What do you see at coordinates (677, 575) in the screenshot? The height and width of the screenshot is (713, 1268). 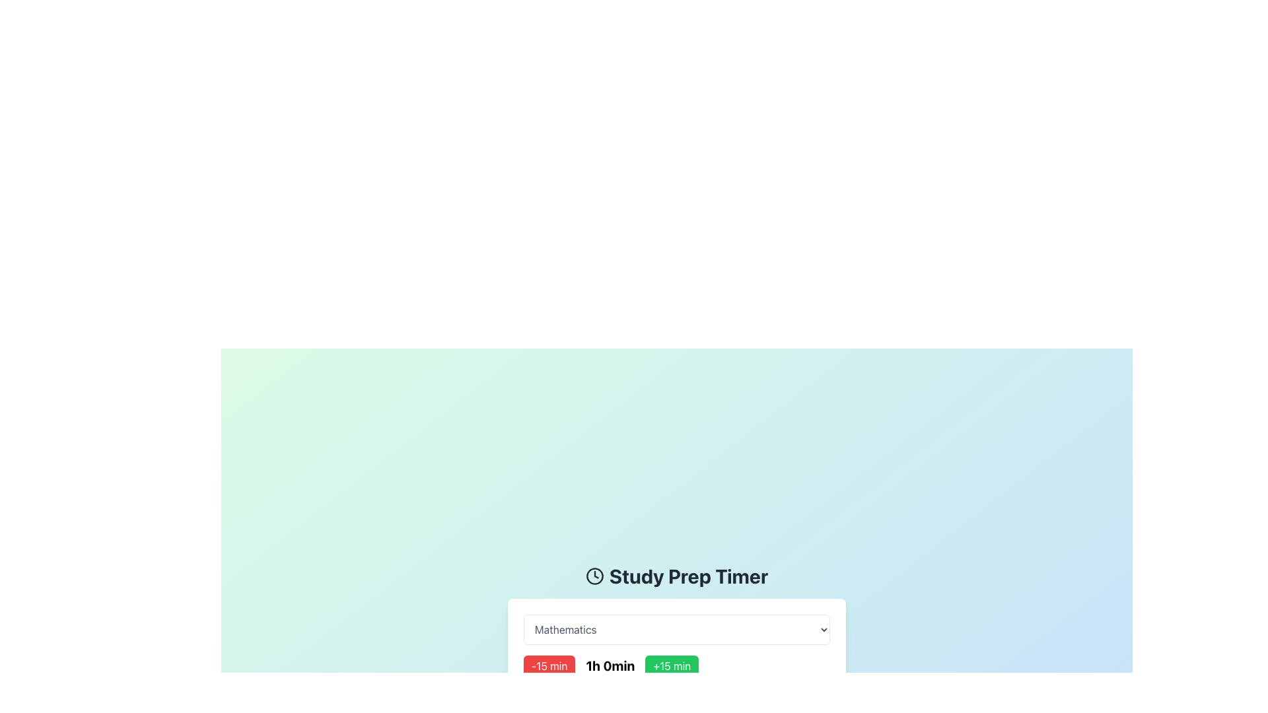 I see `the static text element that serves as a title or header for the adjacent timer interface, located at the top center of the interface above the timer card` at bounding box center [677, 575].